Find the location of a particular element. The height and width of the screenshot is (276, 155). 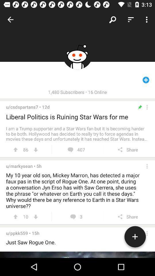

icon above the 16 online is located at coordinates (113, 20).